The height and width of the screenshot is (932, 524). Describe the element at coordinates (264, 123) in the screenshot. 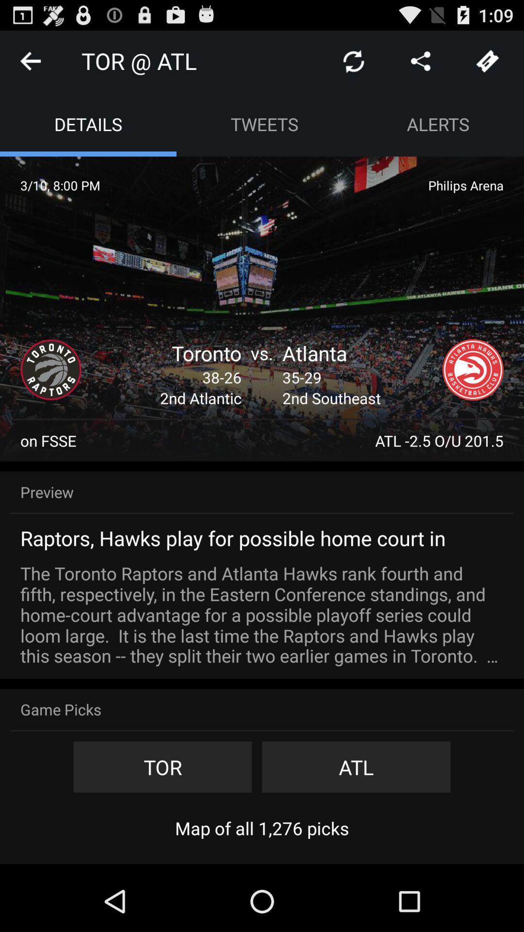

I see `tweets` at that location.